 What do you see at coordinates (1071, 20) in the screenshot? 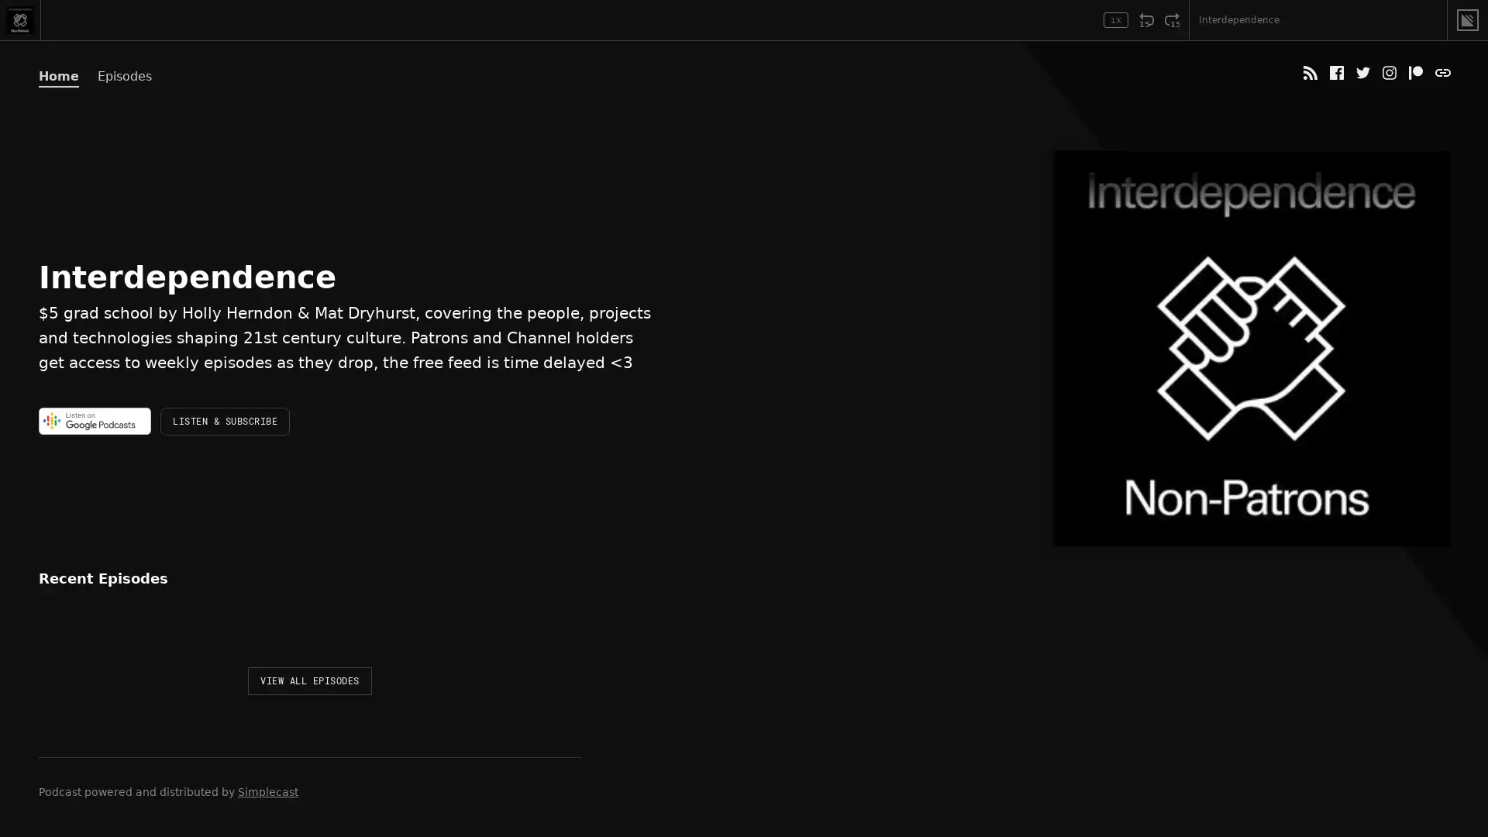
I see `Open Player Settings` at bounding box center [1071, 20].